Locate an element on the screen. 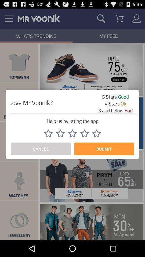 This screenshot has width=145, height=257. rate the app is located at coordinates (96, 133).